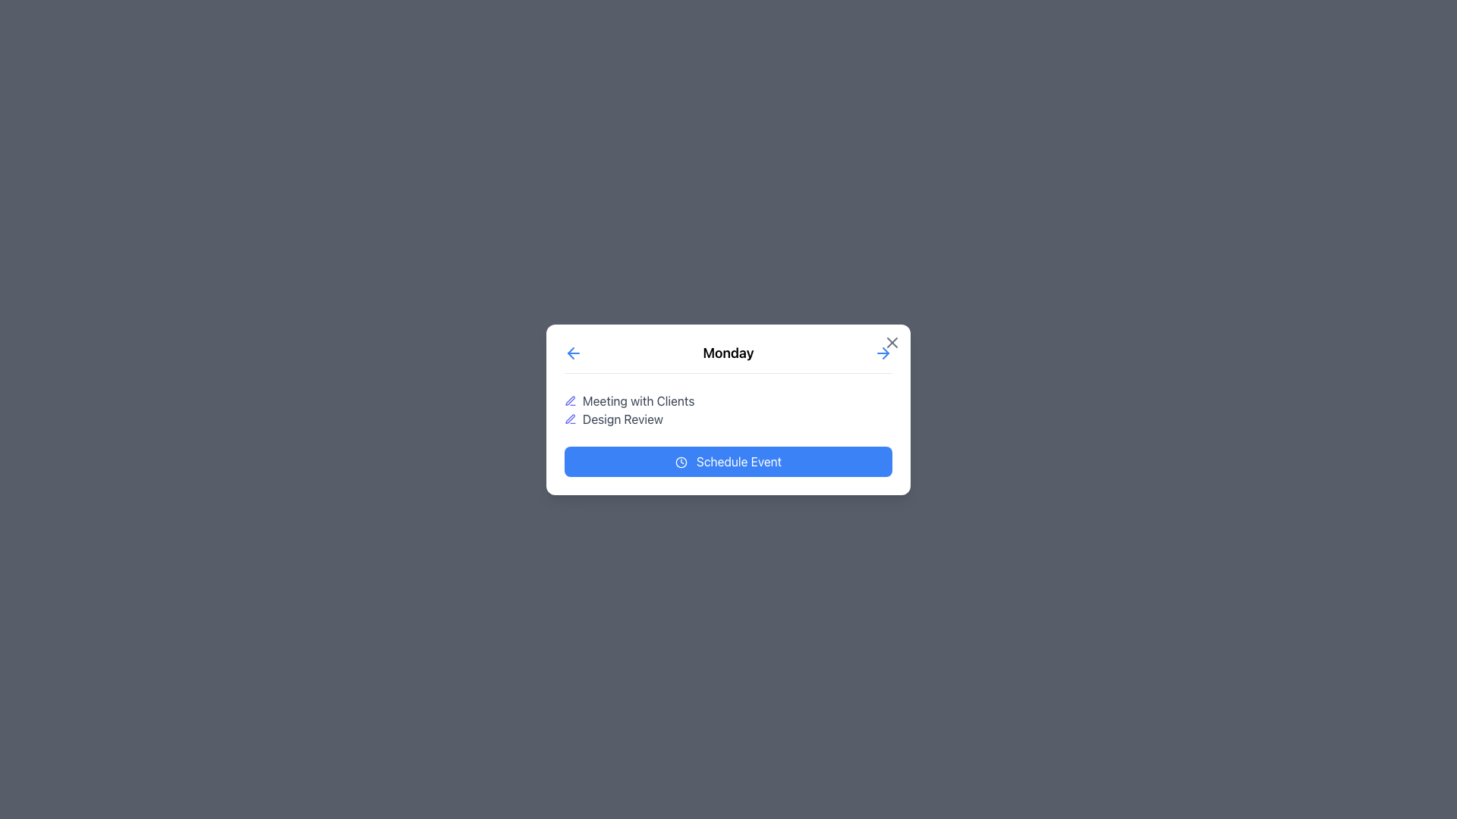 Image resolution: width=1457 pixels, height=819 pixels. What do you see at coordinates (728, 460) in the screenshot?
I see `the 'Schedule Event' button` at bounding box center [728, 460].